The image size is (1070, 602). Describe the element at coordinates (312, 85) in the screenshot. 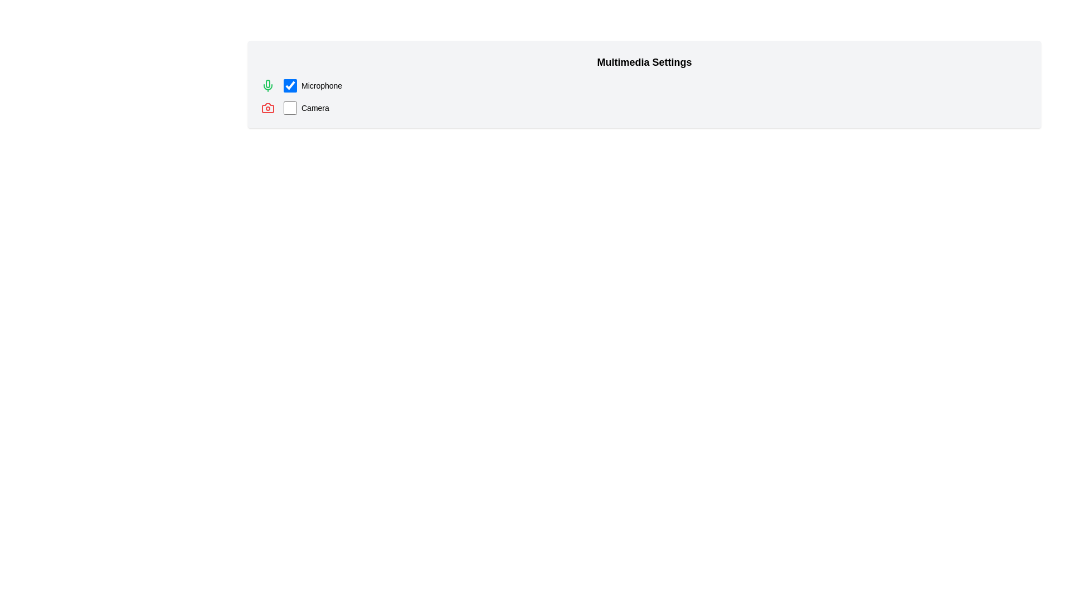

I see `the 'Microphone' label located to the right of the checkbox` at that location.